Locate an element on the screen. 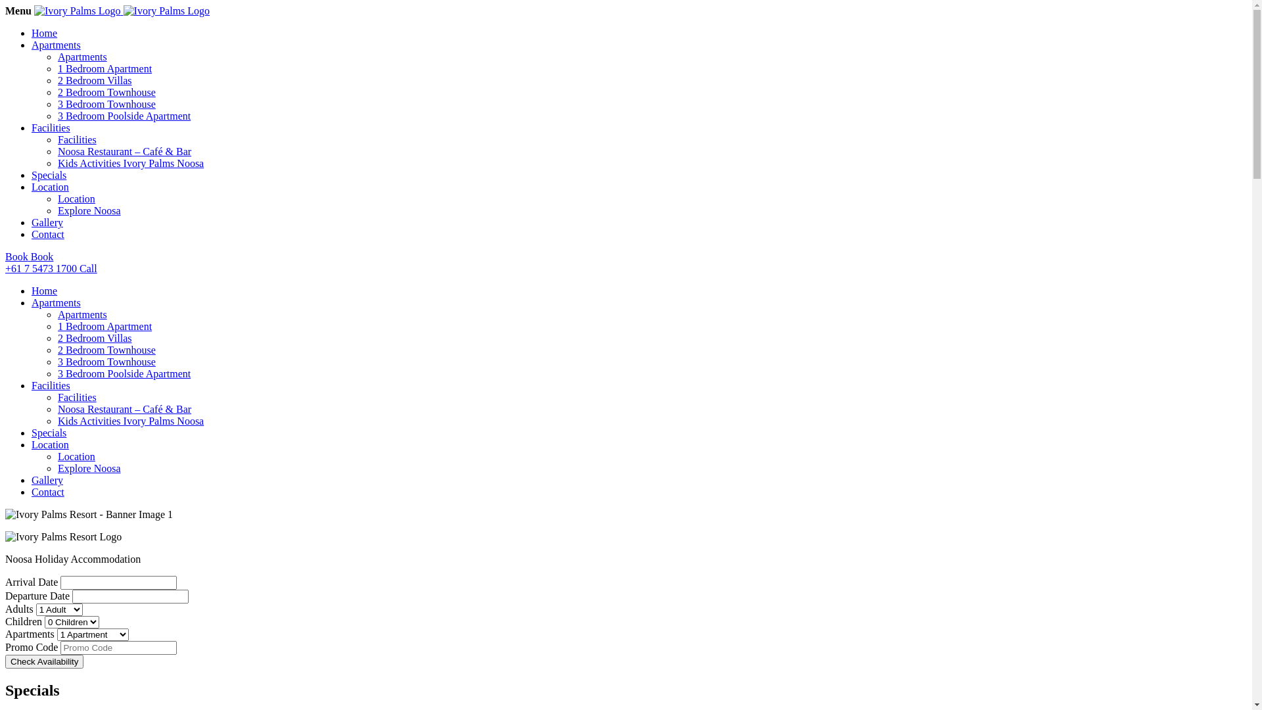  'Explore Noosa' is located at coordinates (88, 210).